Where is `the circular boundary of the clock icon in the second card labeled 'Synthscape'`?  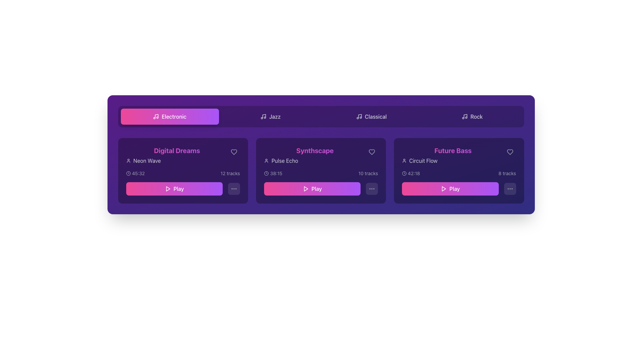
the circular boundary of the clock icon in the second card labeled 'Synthscape' is located at coordinates (266, 173).